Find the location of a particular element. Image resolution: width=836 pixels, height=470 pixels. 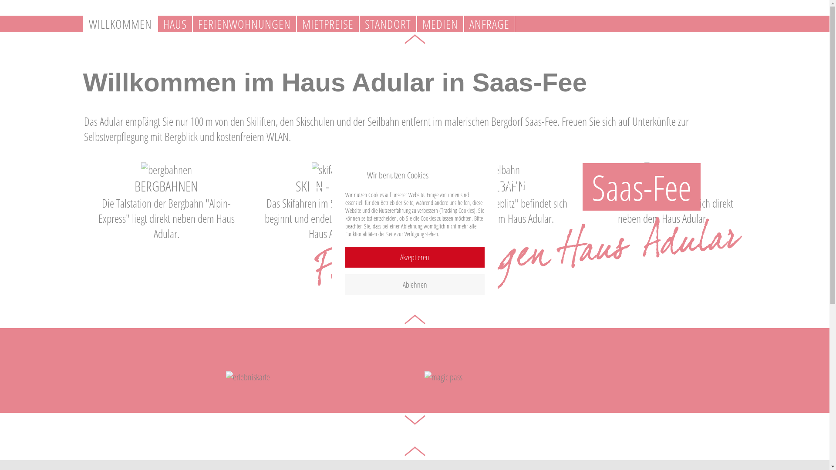

'Akzeptieren' is located at coordinates (414, 256).